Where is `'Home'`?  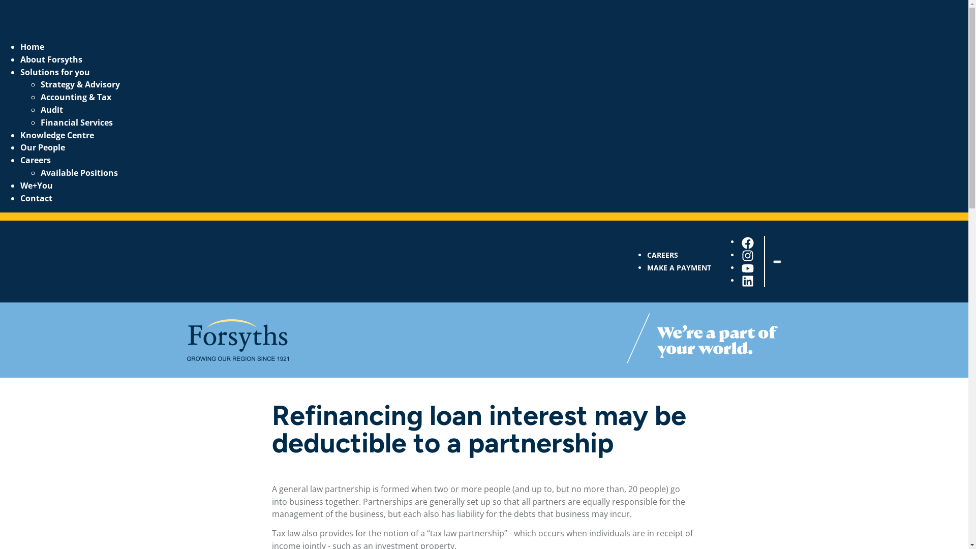
'Home' is located at coordinates (32, 47).